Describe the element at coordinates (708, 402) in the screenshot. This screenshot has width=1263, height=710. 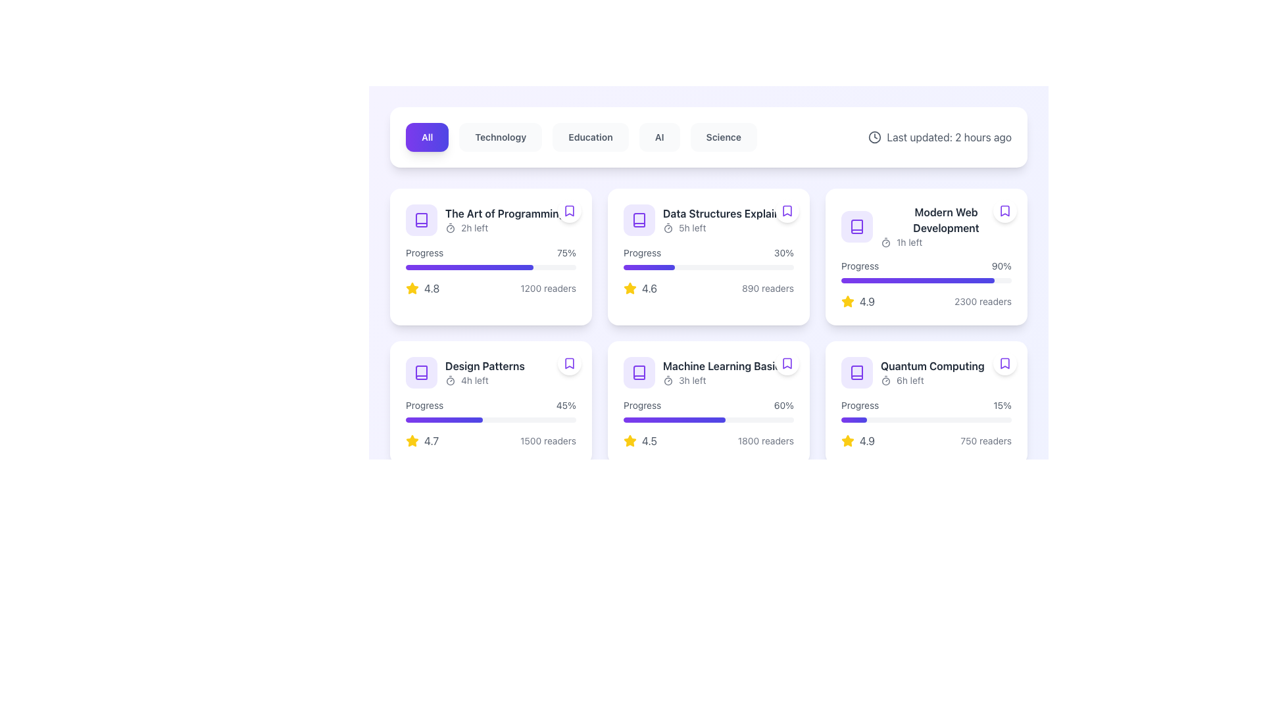
I see `course information from the informational card titled 'Machine Learning Basics', located in the second row, second column of the grid layout` at that location.